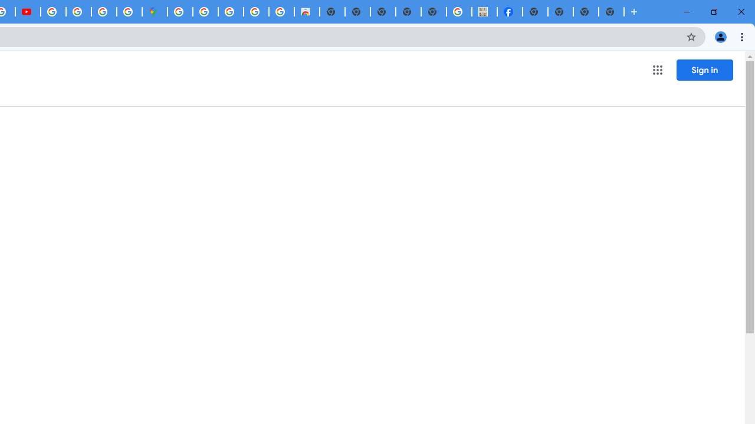  Describe the element at coordinates (611, 12) in the screenshot. I see `'New Tab'` at that location.